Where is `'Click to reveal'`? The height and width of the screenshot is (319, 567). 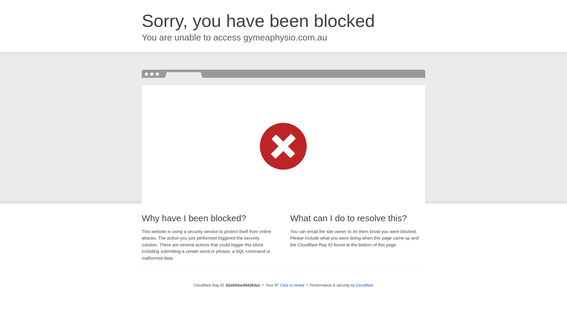
'Click to reveal' is located at coordinates (292, 285).